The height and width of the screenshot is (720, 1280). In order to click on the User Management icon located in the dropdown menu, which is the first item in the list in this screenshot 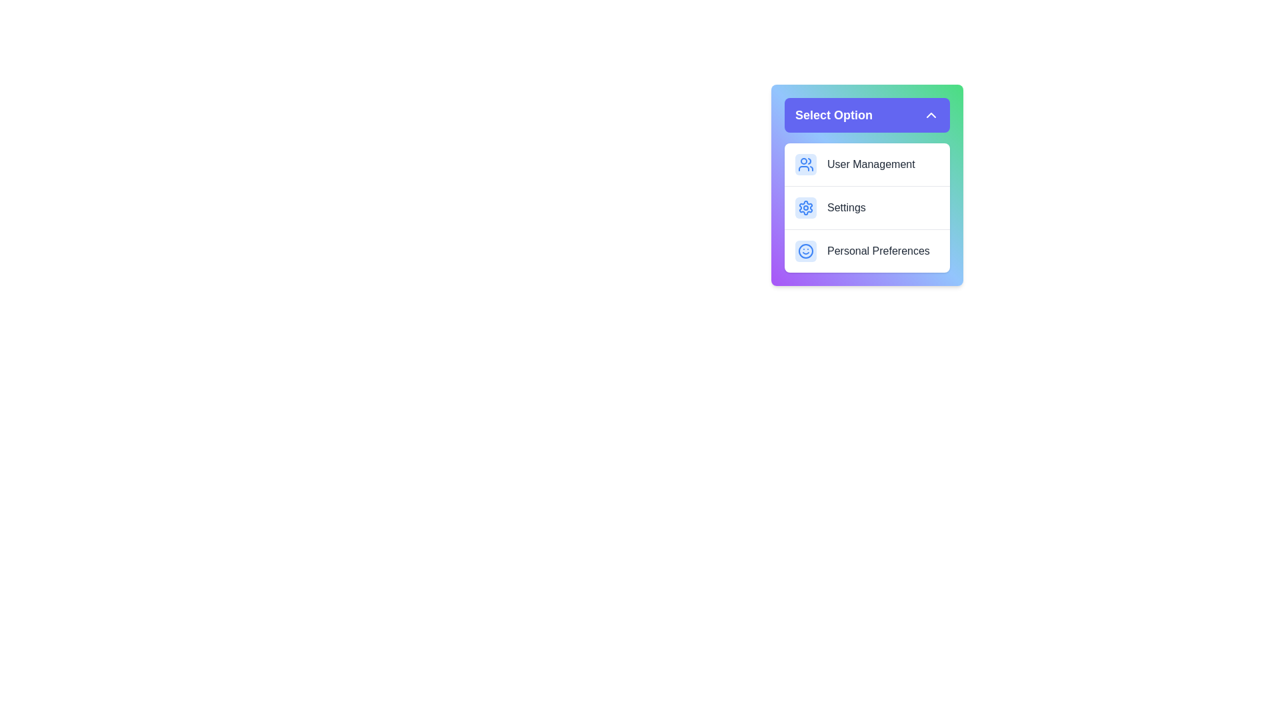, I will do `click(805, 163)`.